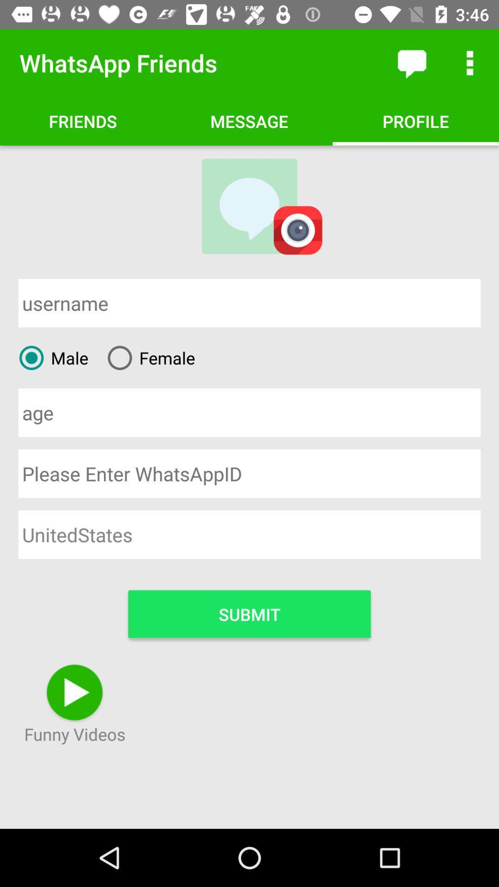  Describe the element at coordinates (249, 412) in the screenshot. I see `type age` at that location.